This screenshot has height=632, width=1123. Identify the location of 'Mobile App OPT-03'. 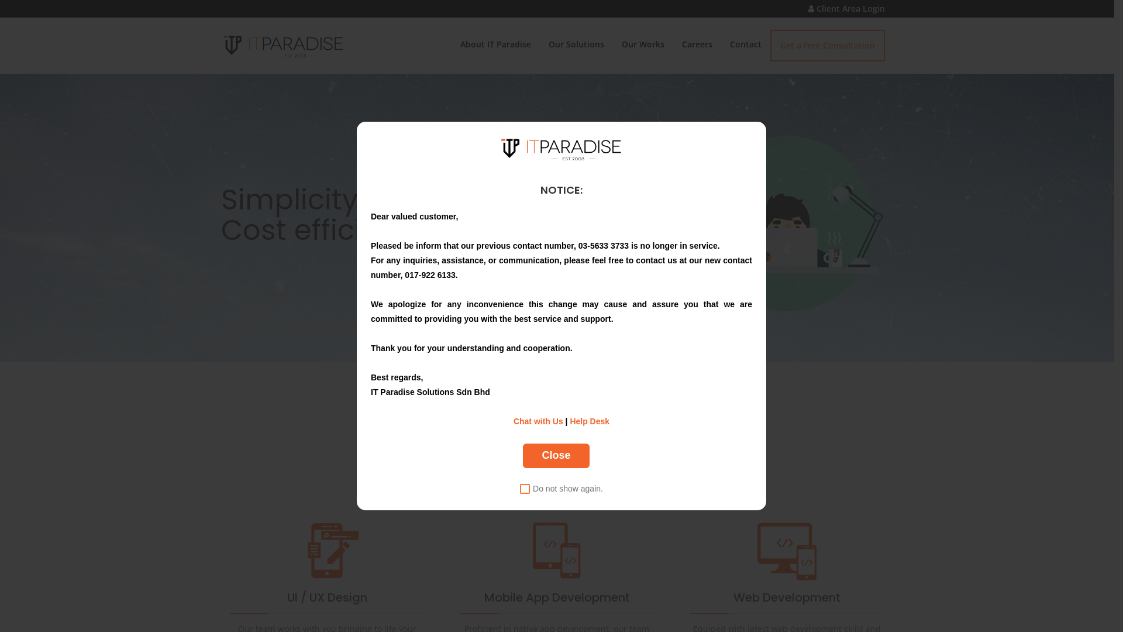
(556, 551).